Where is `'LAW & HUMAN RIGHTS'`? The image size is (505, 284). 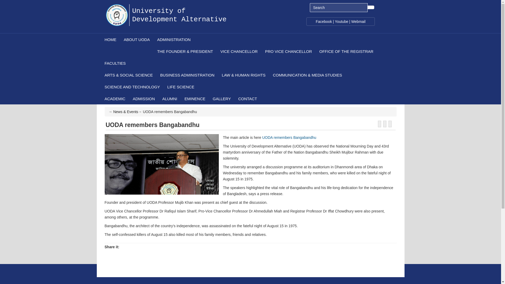
'LAW & HUMAN RIGHTS' is located at coordinates (243, 75).